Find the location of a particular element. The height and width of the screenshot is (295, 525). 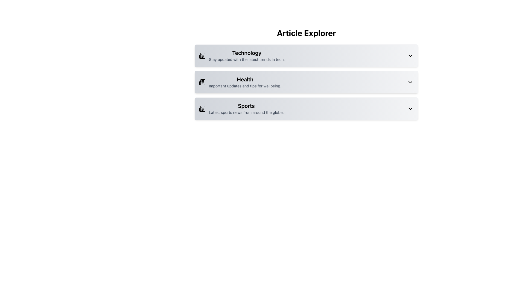

the dropdown toggle button (chevron) at the top-right corner of the 'Technology' section is located at coordinates (410, 56).